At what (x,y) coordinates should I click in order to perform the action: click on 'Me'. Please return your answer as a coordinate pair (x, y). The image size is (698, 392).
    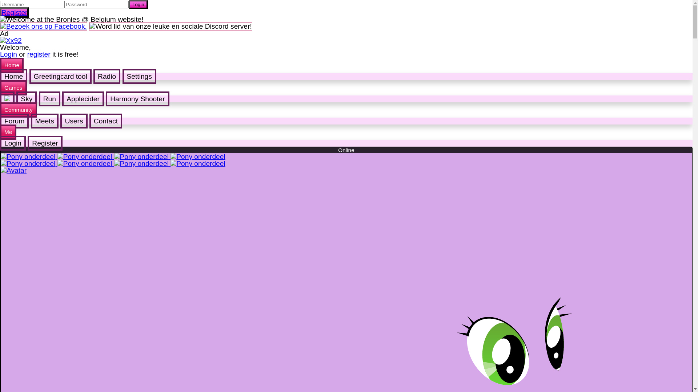
    Looking at the image, I should click on (0, 132).